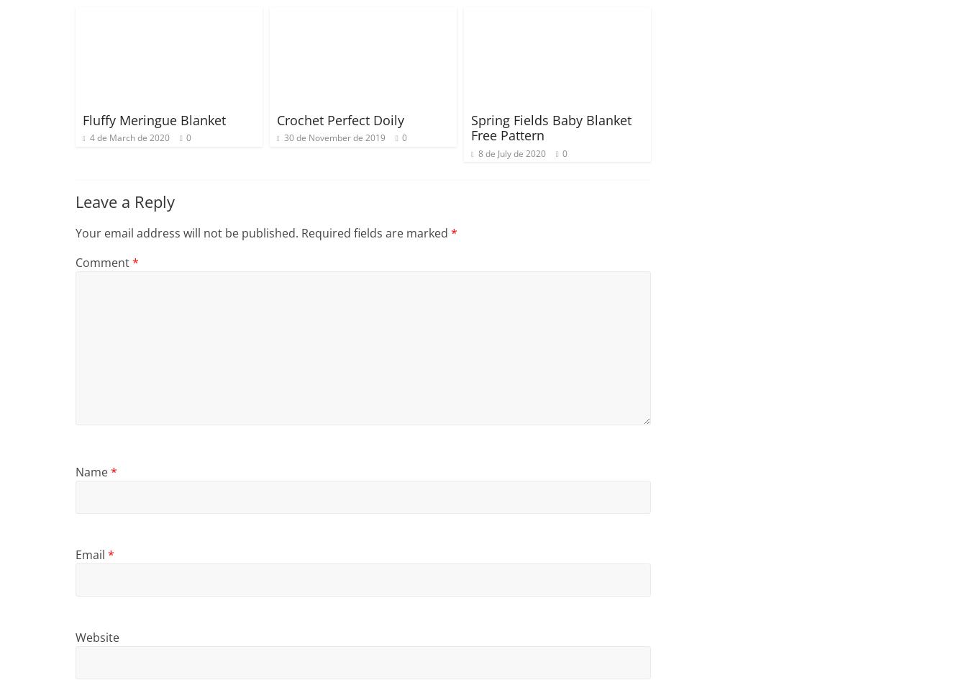 The image size is (971, 693). I want to click on 'Crochet Perfect Doily', so click(277, 119).